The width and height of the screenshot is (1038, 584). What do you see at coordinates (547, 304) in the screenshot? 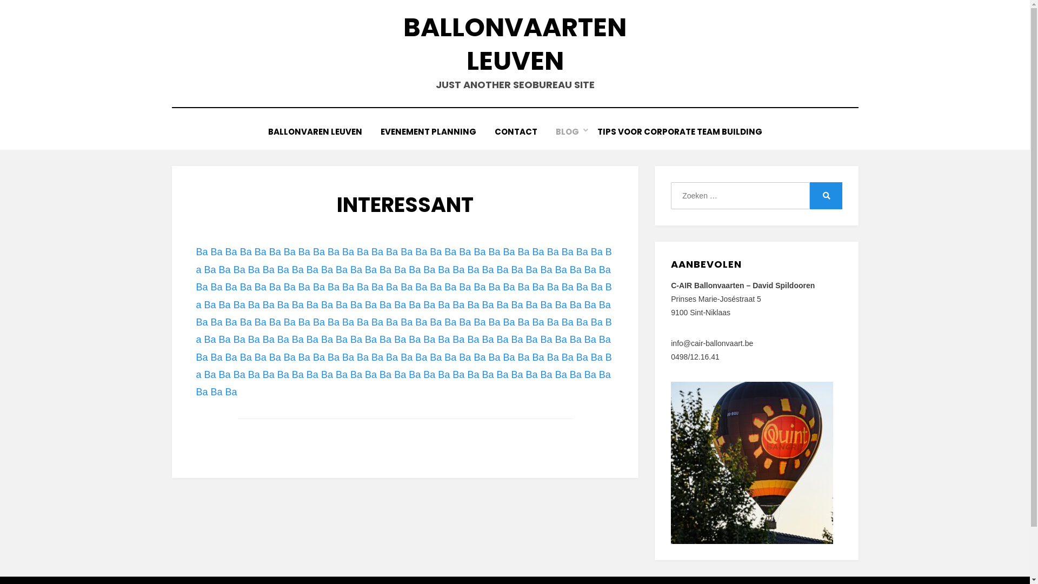
I see `'Ba'` at bounding box center [547, 304].